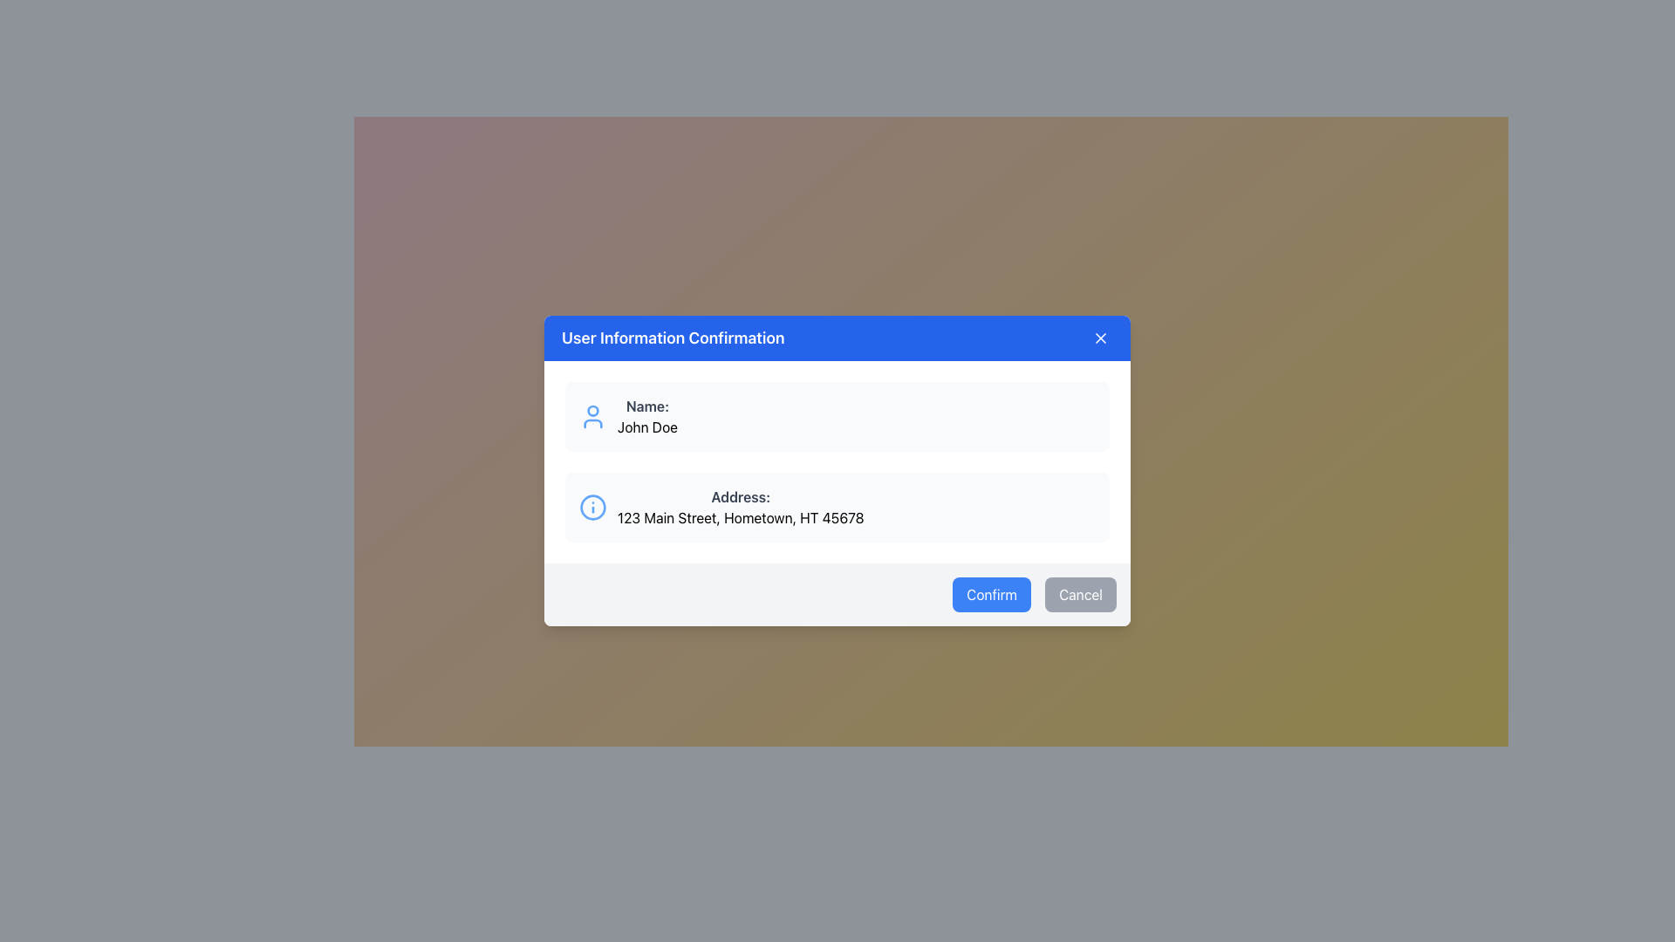 Image resolution: width=1675 pixels, height=942 pixels. What do you see at coordinates (741, 497) in the screenshot?
I see `the Text Label indicating user address information located within the 'User Information Confirmation' modal dialog, positioned below the name label and above the address text` at bounding box center [741, 497].